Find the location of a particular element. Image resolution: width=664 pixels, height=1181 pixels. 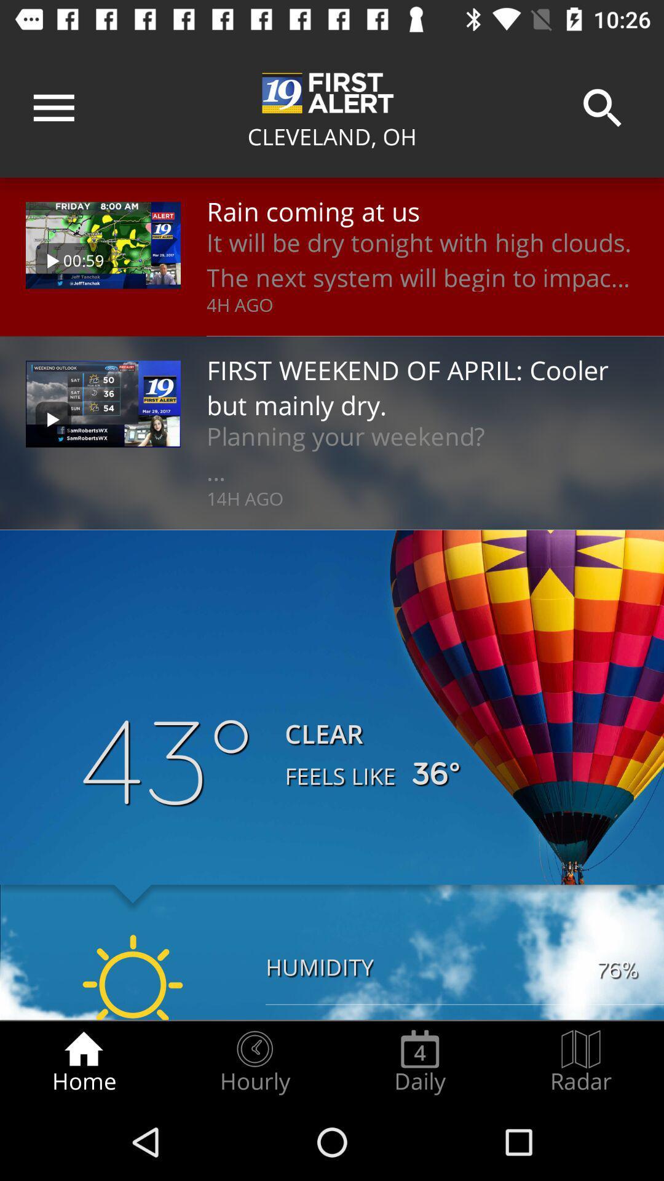

icon to the left of the radar icon is located at coordinates (419, 1062).